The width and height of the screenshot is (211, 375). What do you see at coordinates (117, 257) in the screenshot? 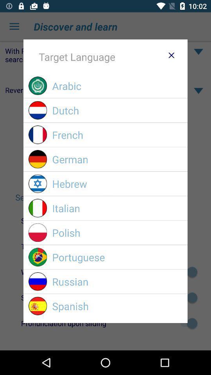
I see `the portuguese icon` at bounding box center [117, 257].